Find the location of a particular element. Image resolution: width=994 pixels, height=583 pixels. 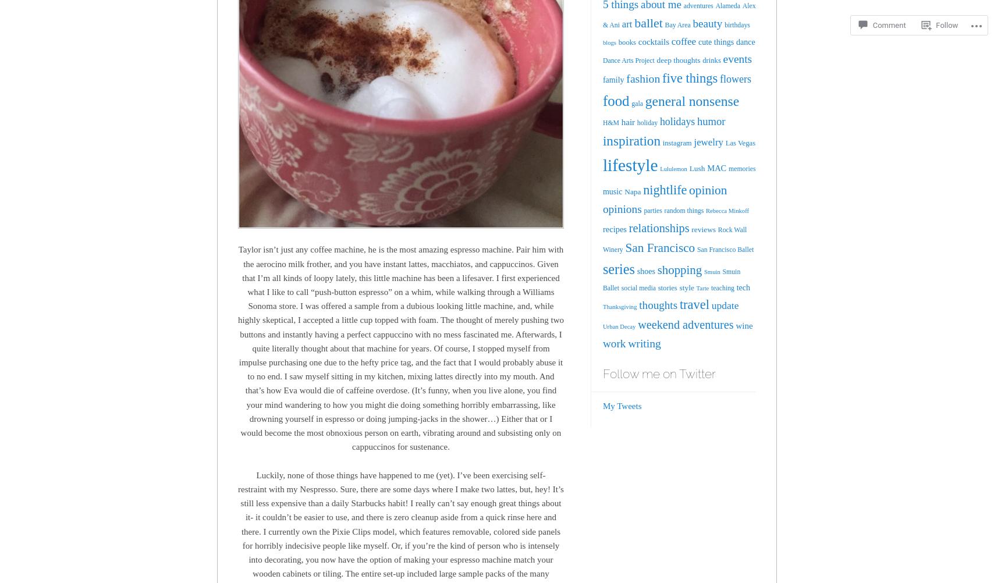

'adventures' is located at coordinates (698, 5).